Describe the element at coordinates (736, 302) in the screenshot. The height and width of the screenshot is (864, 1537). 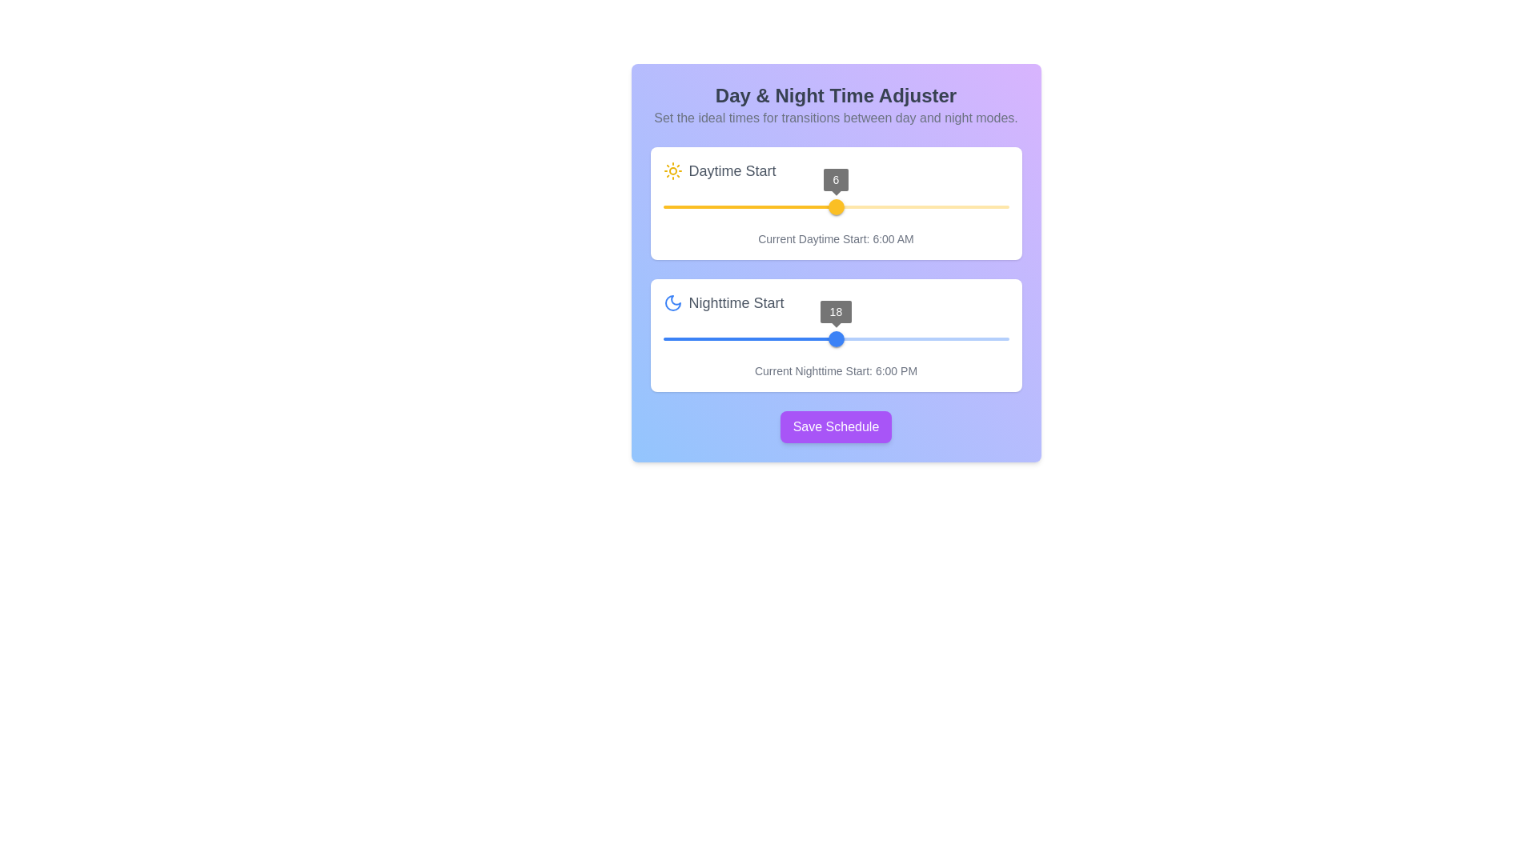
I see `the text label reading 'Nighttime Start', which is styled in large gray font and positioned beneath the 'Daytime Start' section with a moon icon to its left` at that location.